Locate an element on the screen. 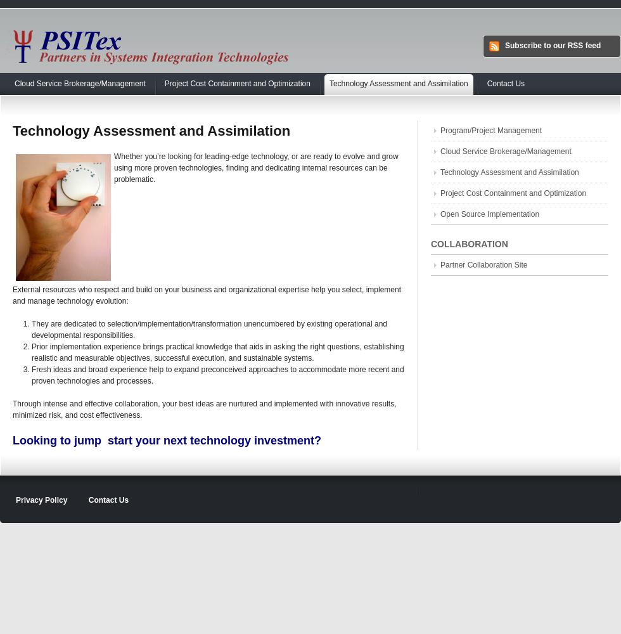 Image resolution: width=621 pixels, height=634 pixels. 'Program/Project Management' is located at coordinates (490, 130).